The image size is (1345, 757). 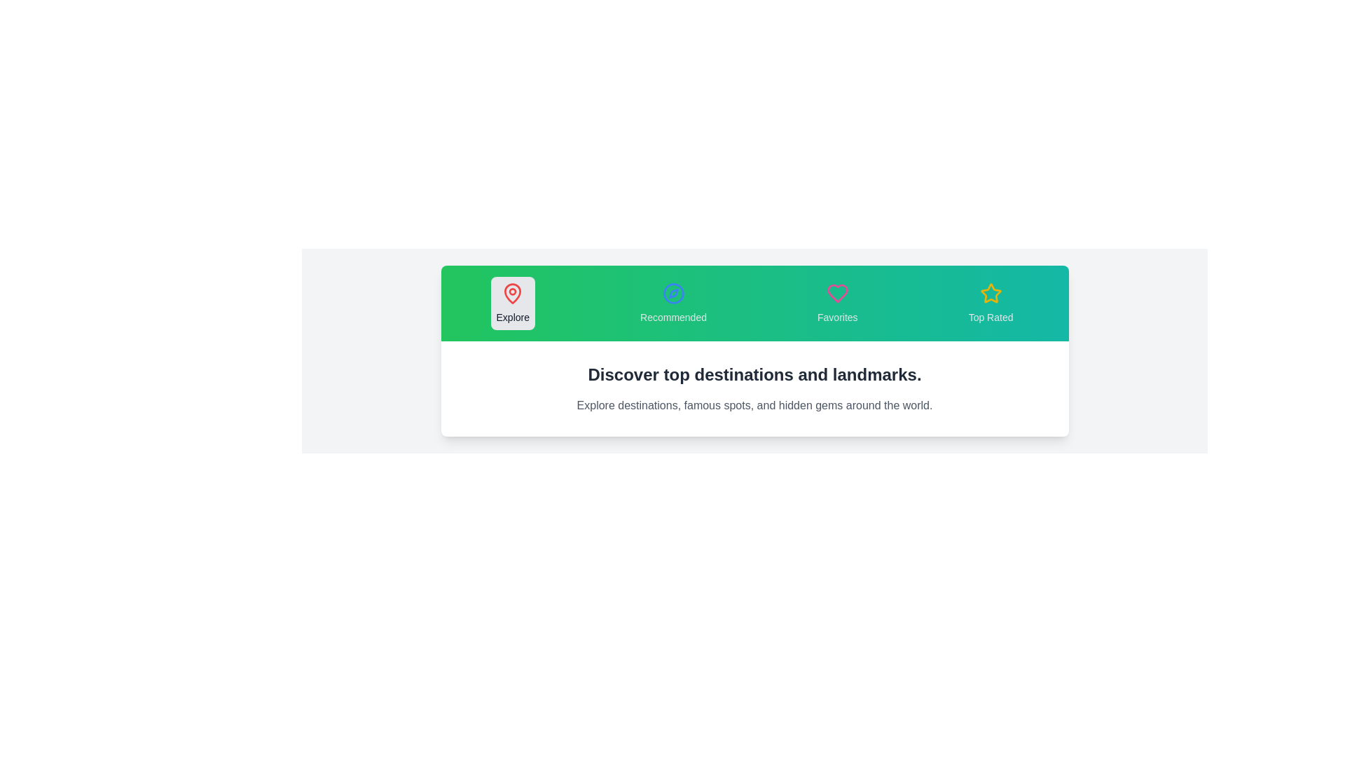 I want to click on the tab labeled Top Rated, so click(x=990, y=302).